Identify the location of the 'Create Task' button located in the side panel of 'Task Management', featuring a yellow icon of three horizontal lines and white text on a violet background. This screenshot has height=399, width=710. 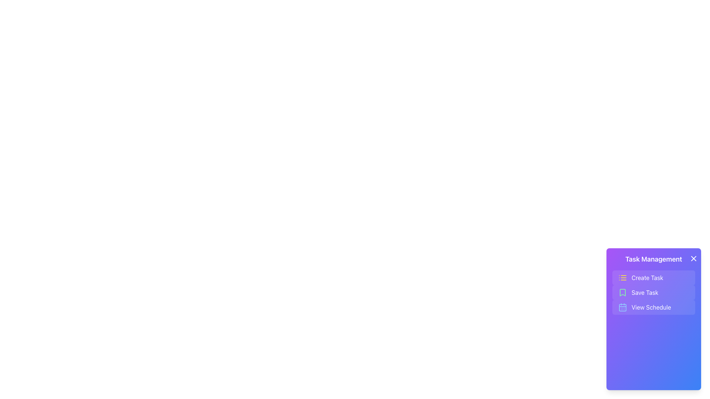
(653, 278).